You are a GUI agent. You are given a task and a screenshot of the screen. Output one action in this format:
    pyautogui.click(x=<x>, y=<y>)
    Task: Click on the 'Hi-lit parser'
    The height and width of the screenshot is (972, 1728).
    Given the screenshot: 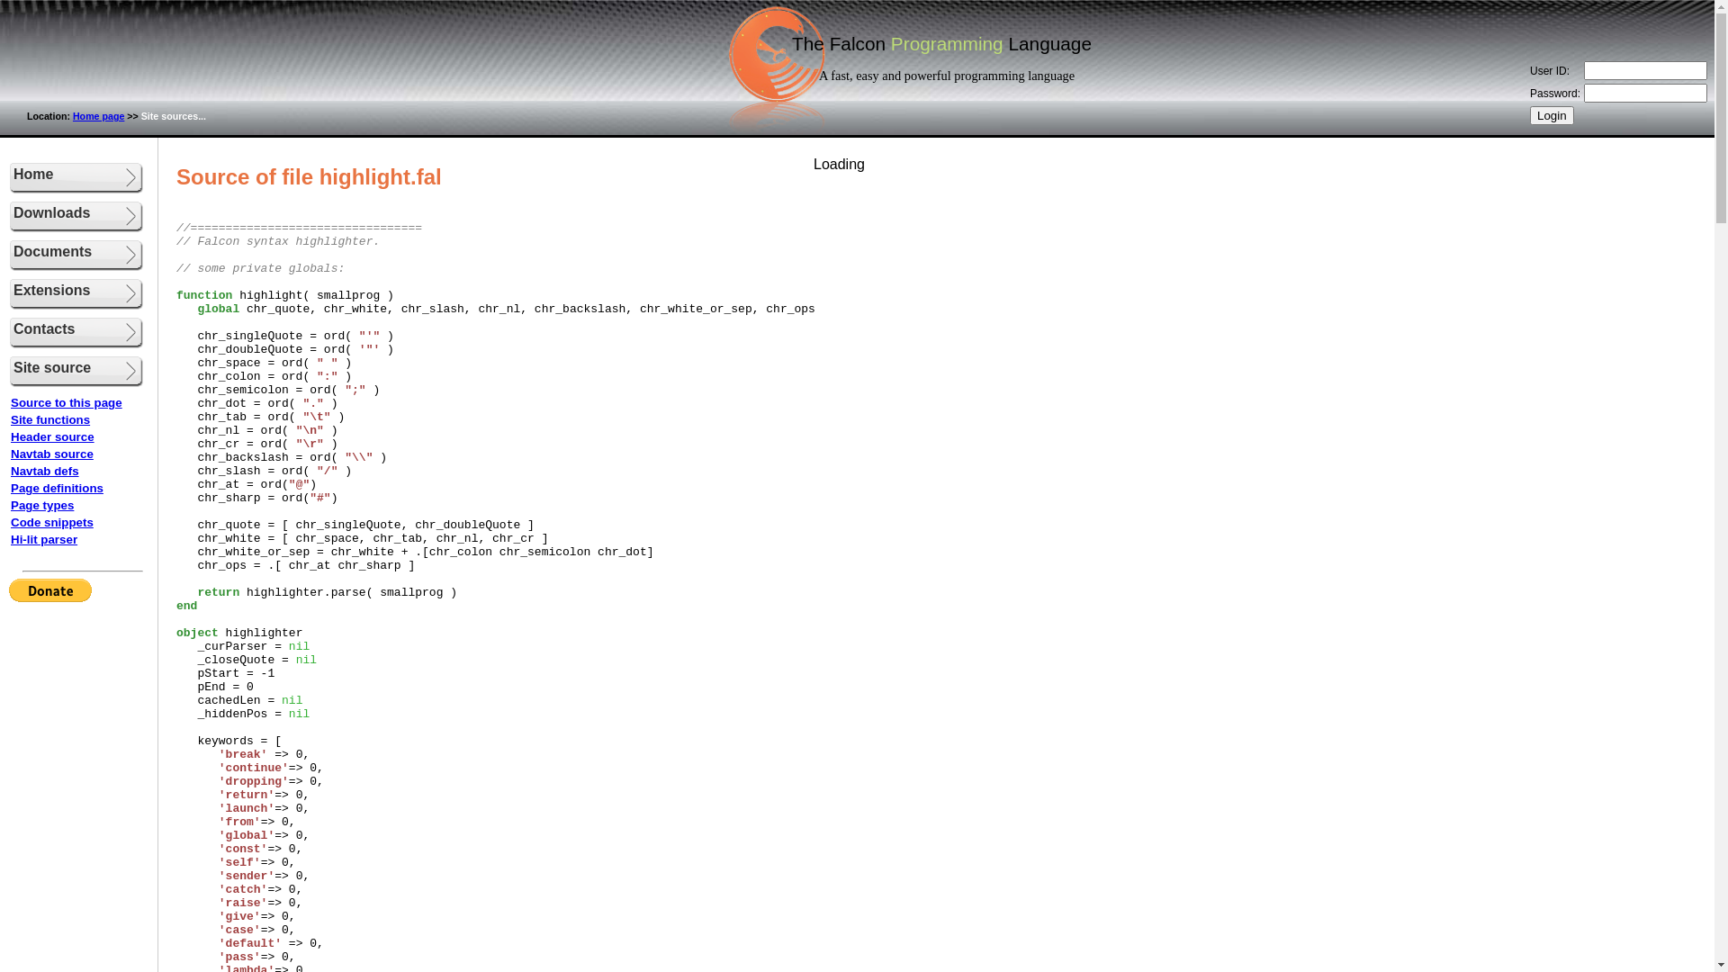 What is the action you would take?
    pyautogui.click(x=43, y=538)
    